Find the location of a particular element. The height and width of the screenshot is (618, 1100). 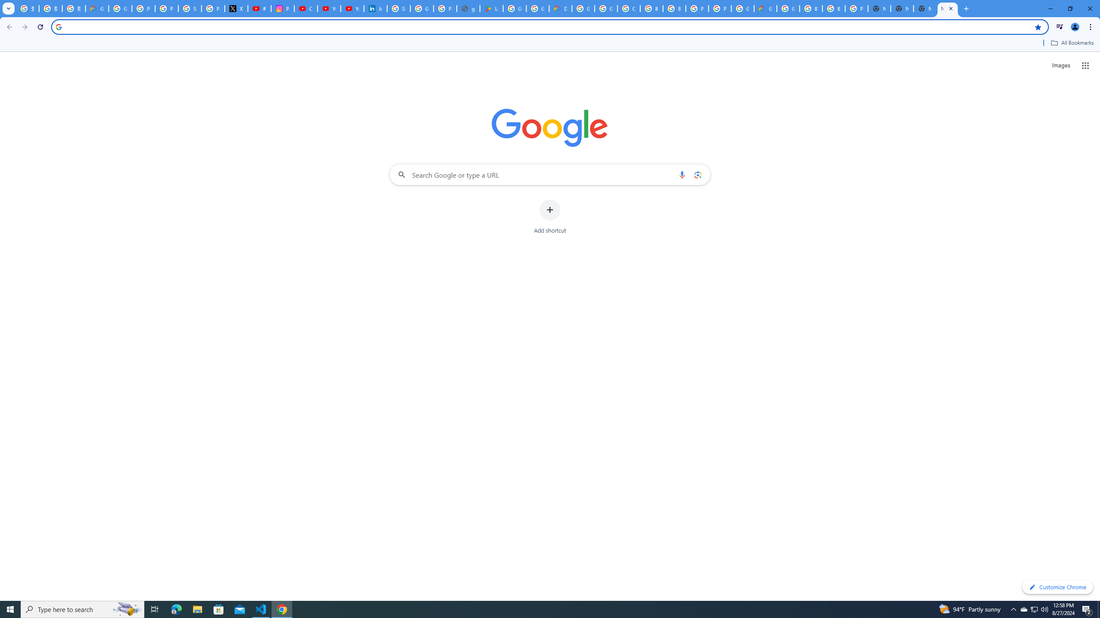

'google_privacy_policy_en.pdf' is located at coordinates (468, 8).